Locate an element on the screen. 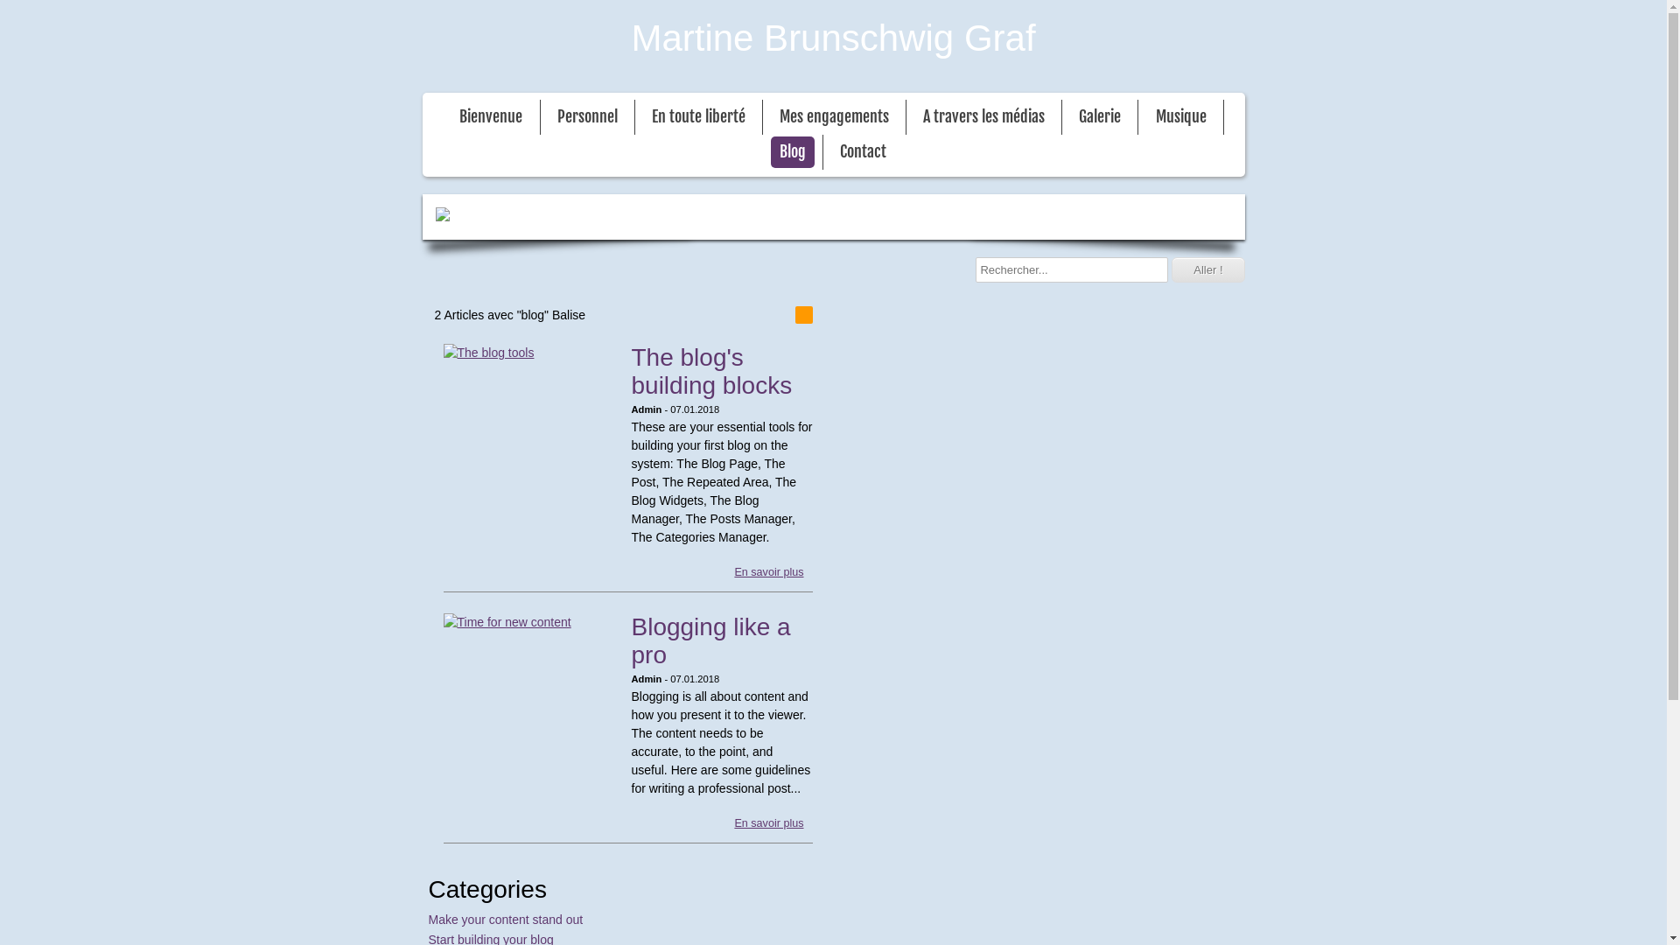 The image size is (1680, 945). 'Bienvenue' is located at coordinates (490, 117).